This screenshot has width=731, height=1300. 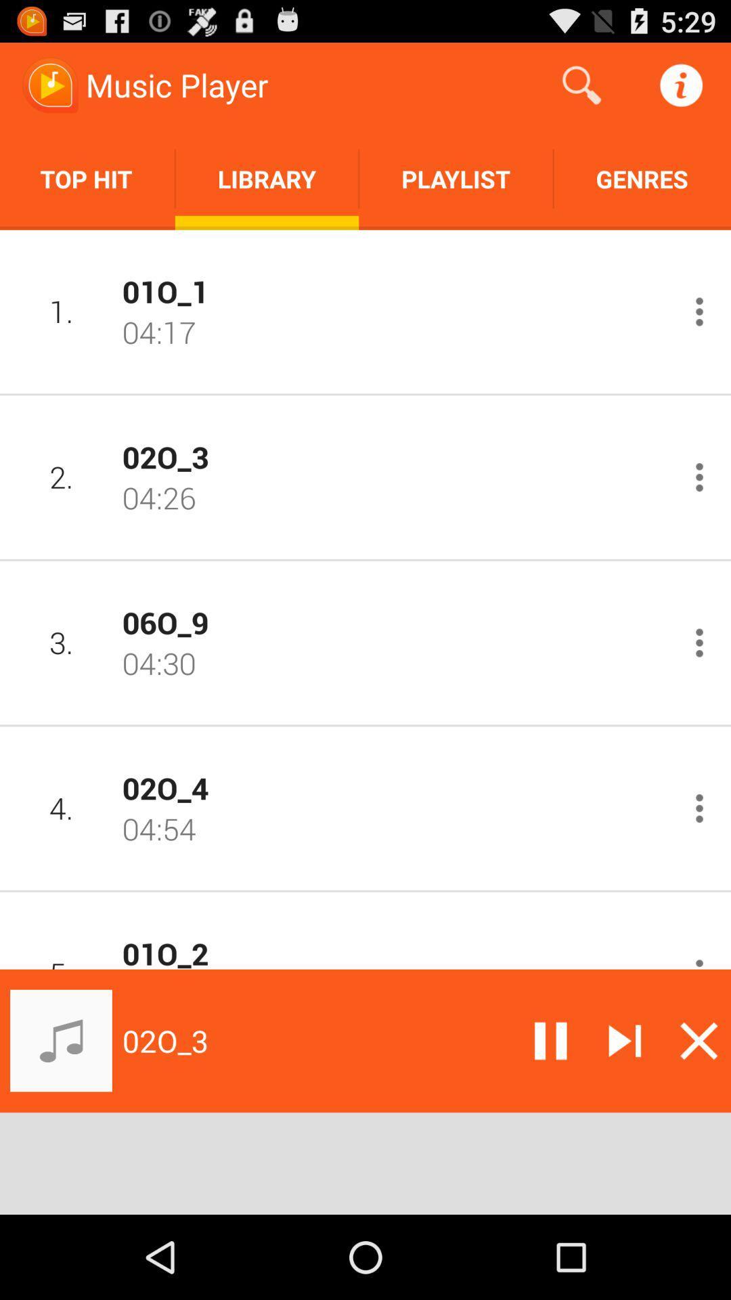 I want to click on open the sub-menu for this song, so click(x=699, y=311).